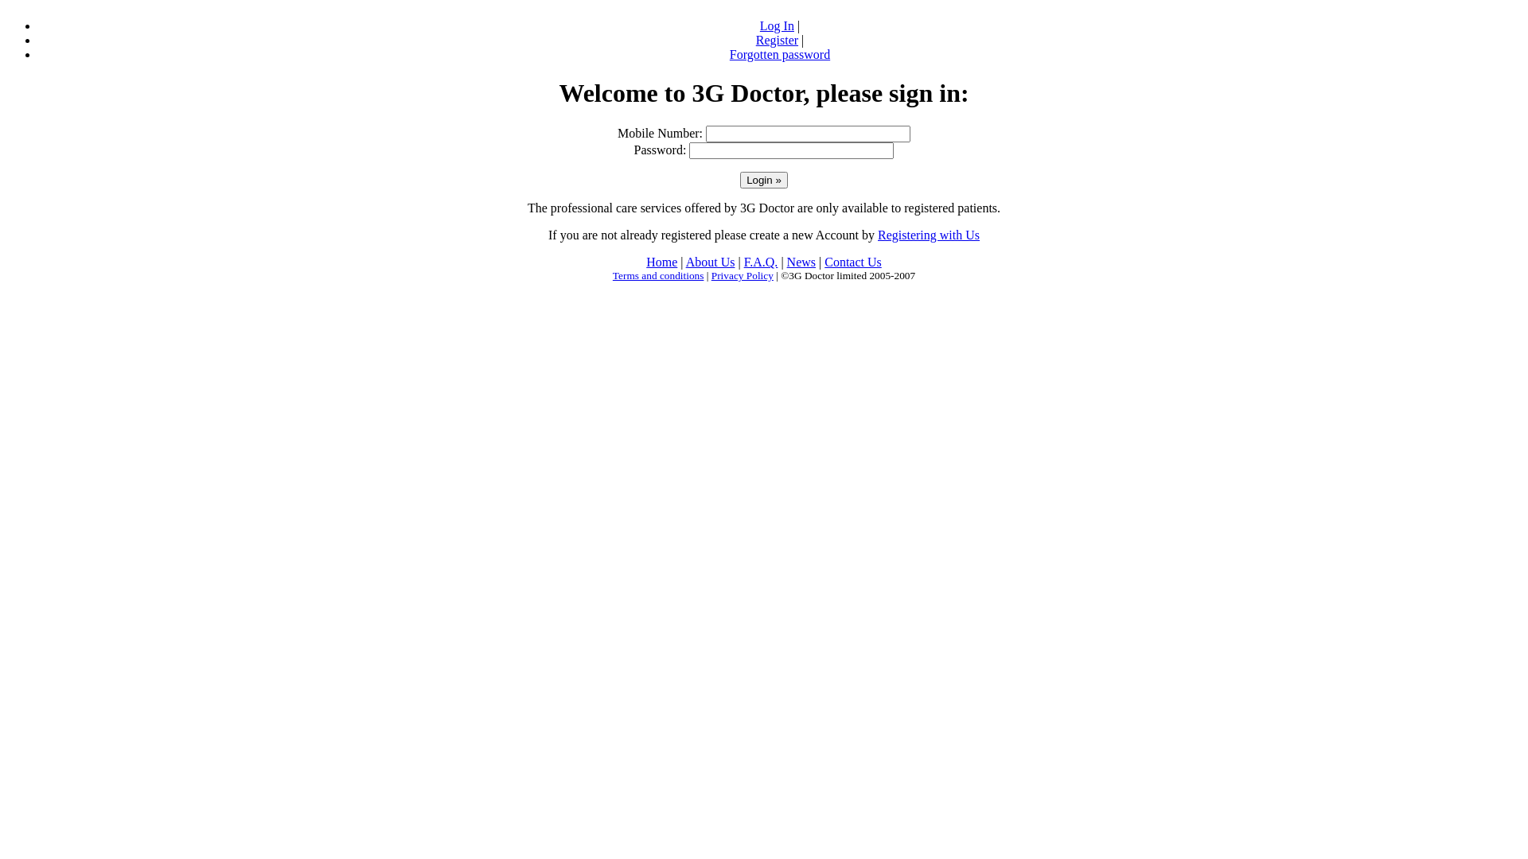 This screenshot has height=859, width=1528. Describe the element at coordinates (852, 261) in the screenshot. I see `'Contact Us'` at that location.